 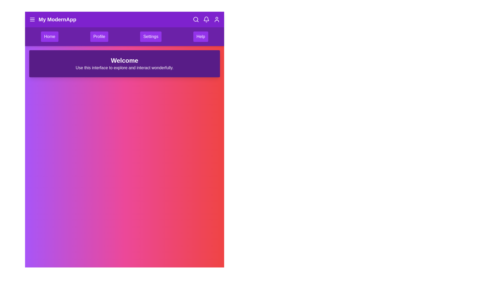 What do you see at coordinates (217, 19) in the screenshot?
I see `the user icon in the app bar` at bounding box center [217, 19].